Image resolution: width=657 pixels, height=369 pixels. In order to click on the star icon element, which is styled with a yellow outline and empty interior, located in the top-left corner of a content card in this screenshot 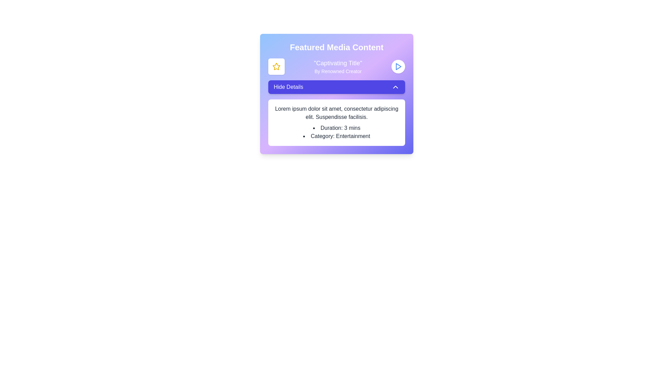, I will do `click(276, 66)`.